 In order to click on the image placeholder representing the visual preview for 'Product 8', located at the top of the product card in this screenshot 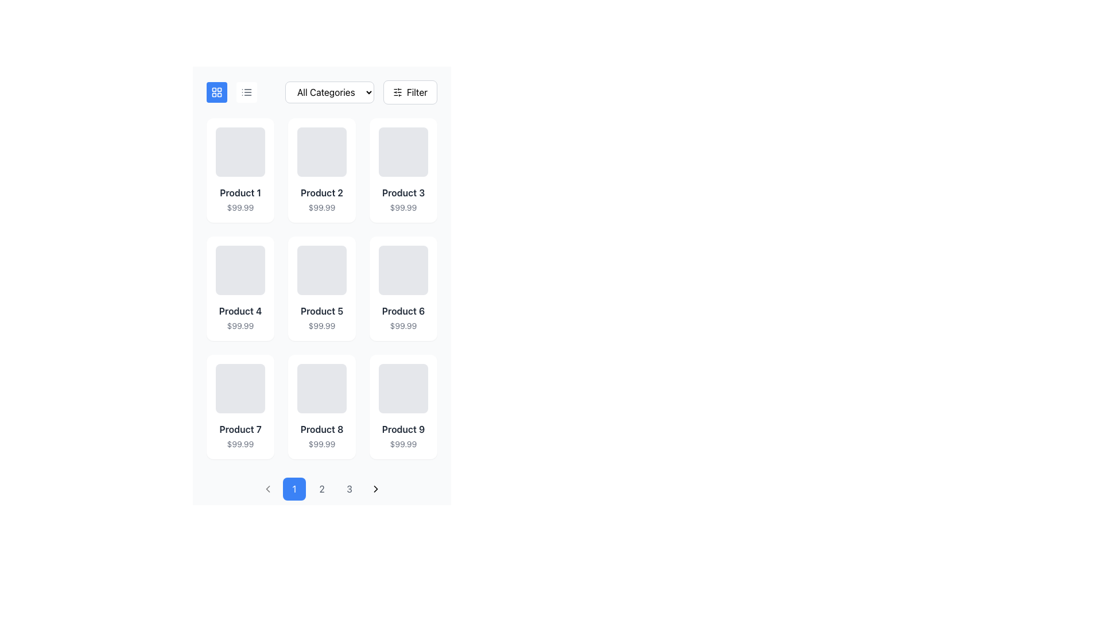, I will do `click(321, 388)`.